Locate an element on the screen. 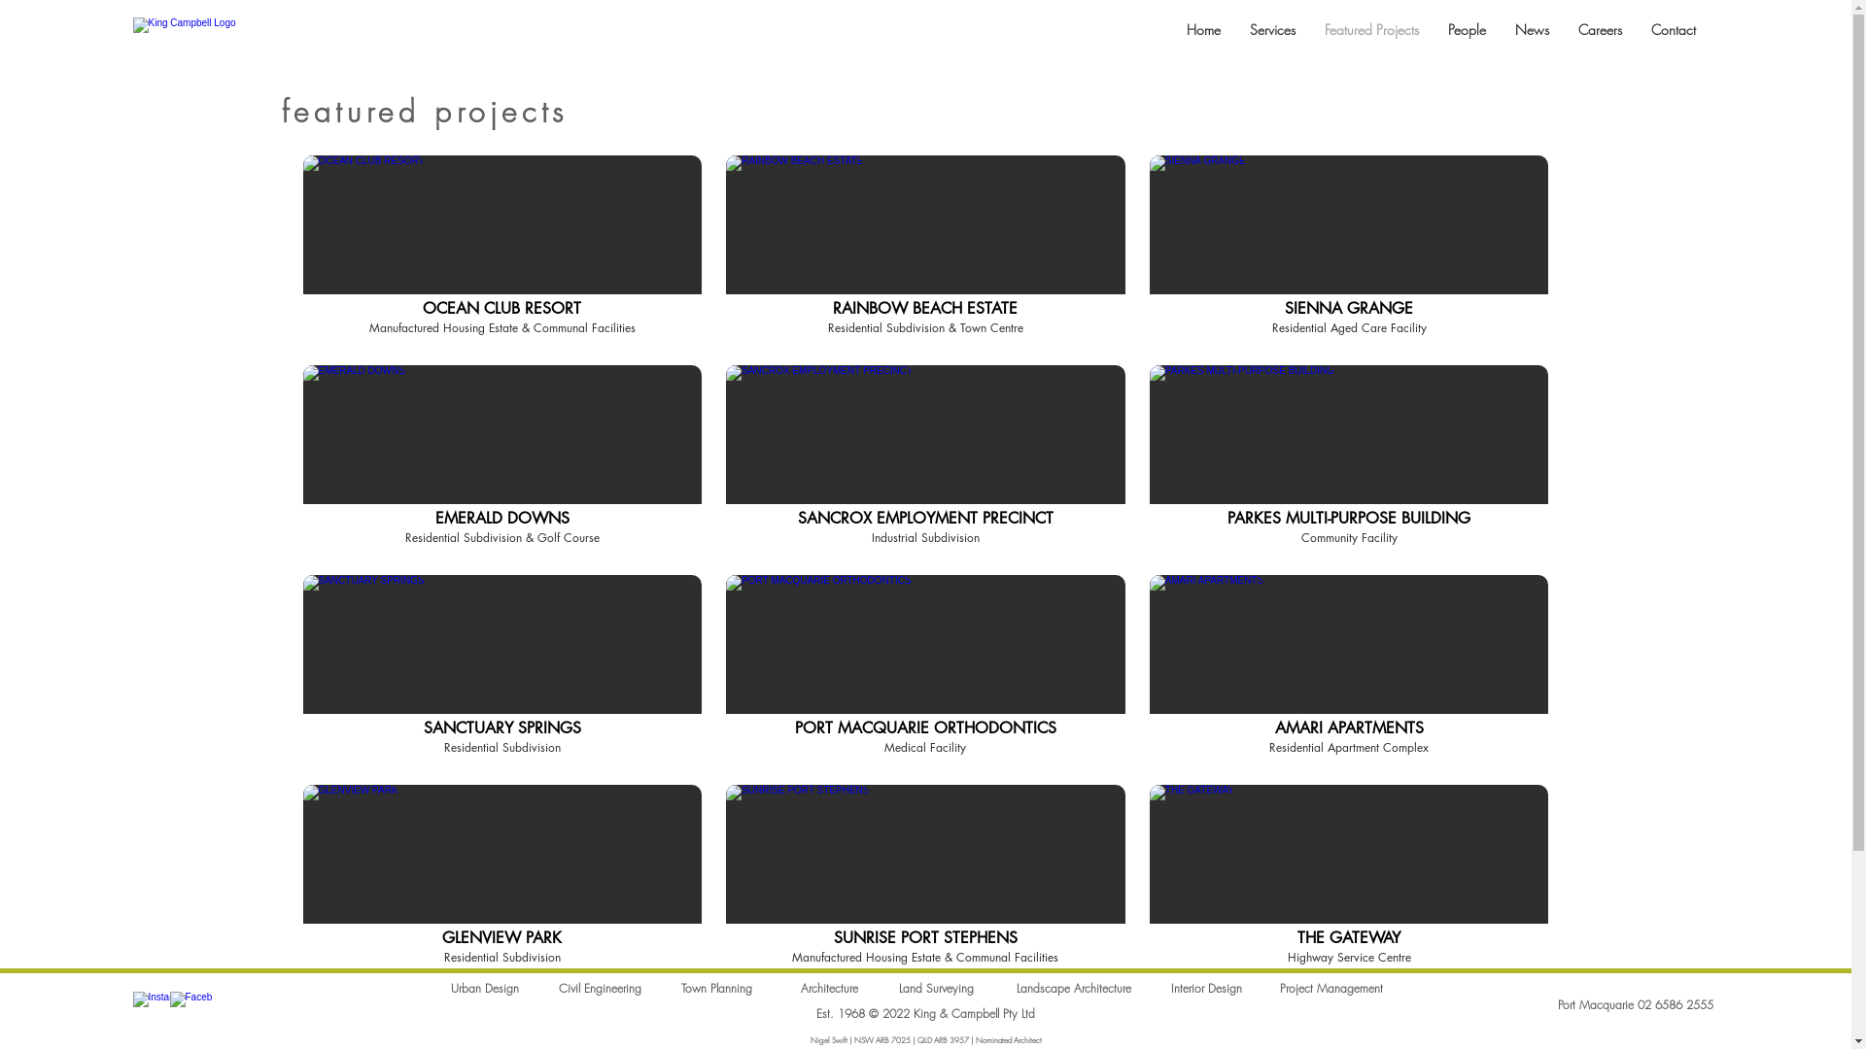 This screenshot has width=1866, height=1049. 'People' is located at coordinates (1432, 29).